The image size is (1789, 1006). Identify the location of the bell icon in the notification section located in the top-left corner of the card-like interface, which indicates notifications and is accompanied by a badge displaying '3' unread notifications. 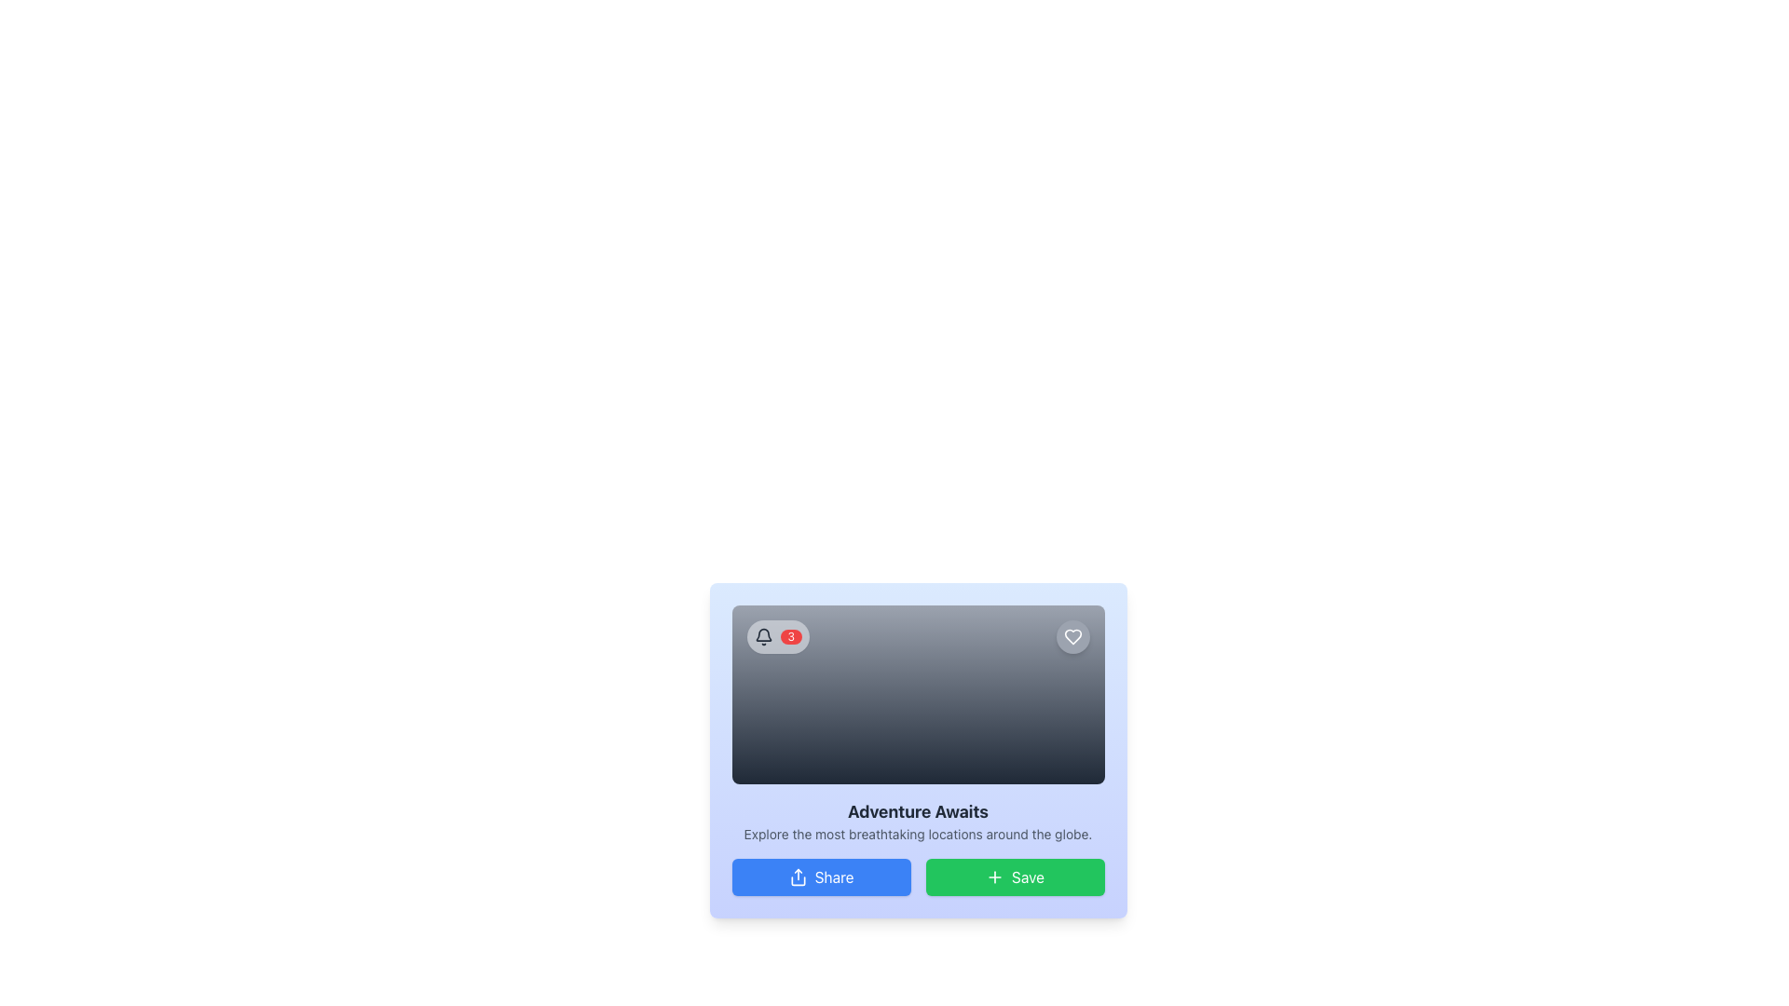
(763, 635).